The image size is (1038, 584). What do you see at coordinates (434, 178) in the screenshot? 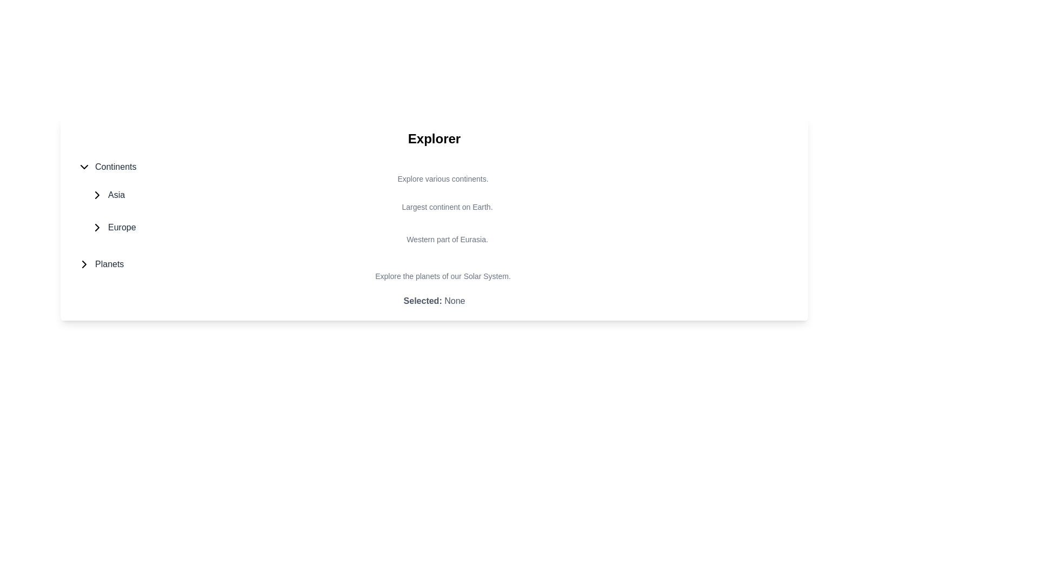
I see `the static text element that provides context for the 'Continents' section, located directly below the title text 'Continents'` at bounding box center [434, 178].